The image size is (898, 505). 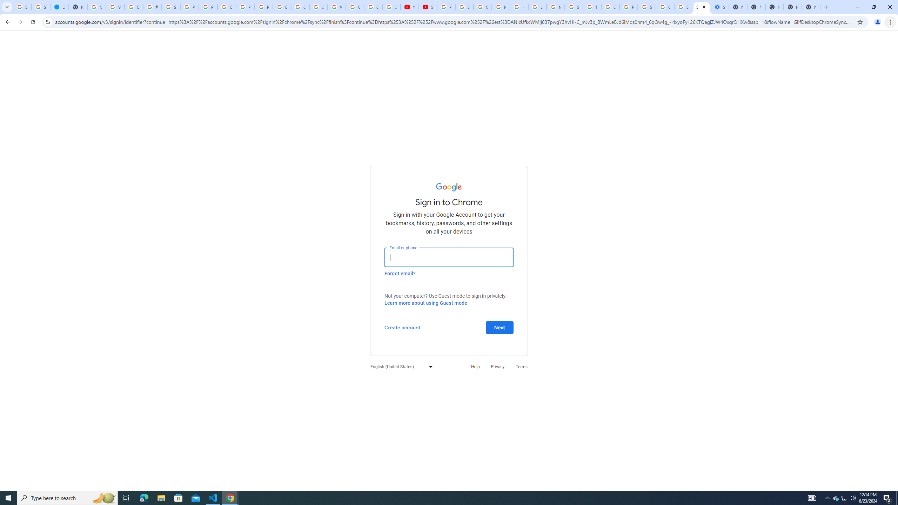 What do you see at coordinates (499, 327) in the screenshot?
I see `'Next'` at bounding box center [499, 327].